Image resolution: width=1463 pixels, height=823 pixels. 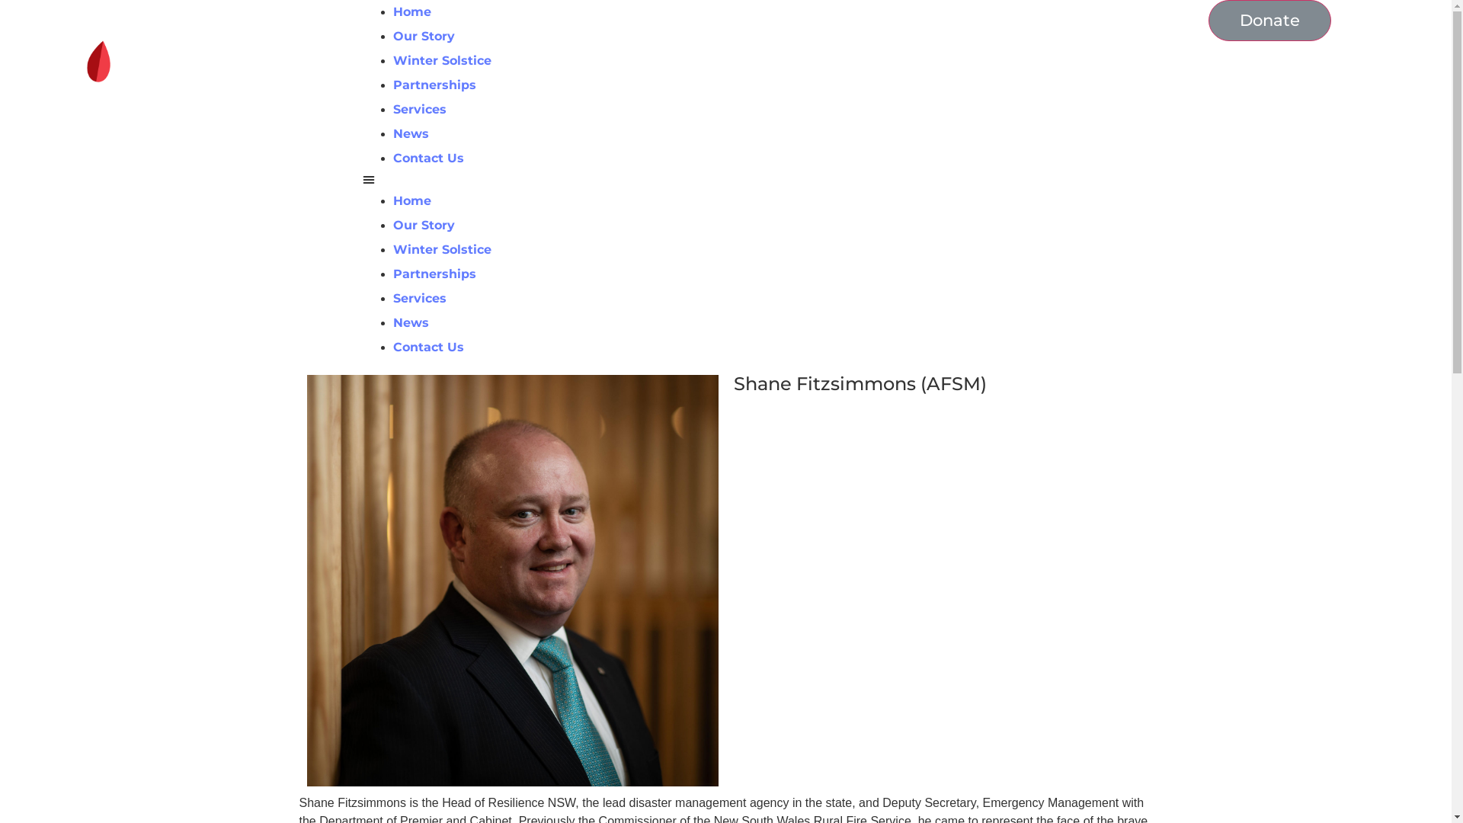 I want to click on 'News', so click(x=411, y=133).